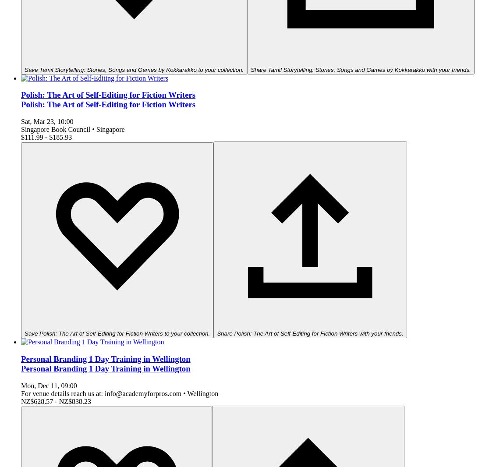 This screenshot has width=482, height=467. Describe the element at coordinates (361, 69) in the screenshot. I see `'Share Tamil Storytelling: Stories, Songs and Games by Kokkarakko with your friends.'` at that location.